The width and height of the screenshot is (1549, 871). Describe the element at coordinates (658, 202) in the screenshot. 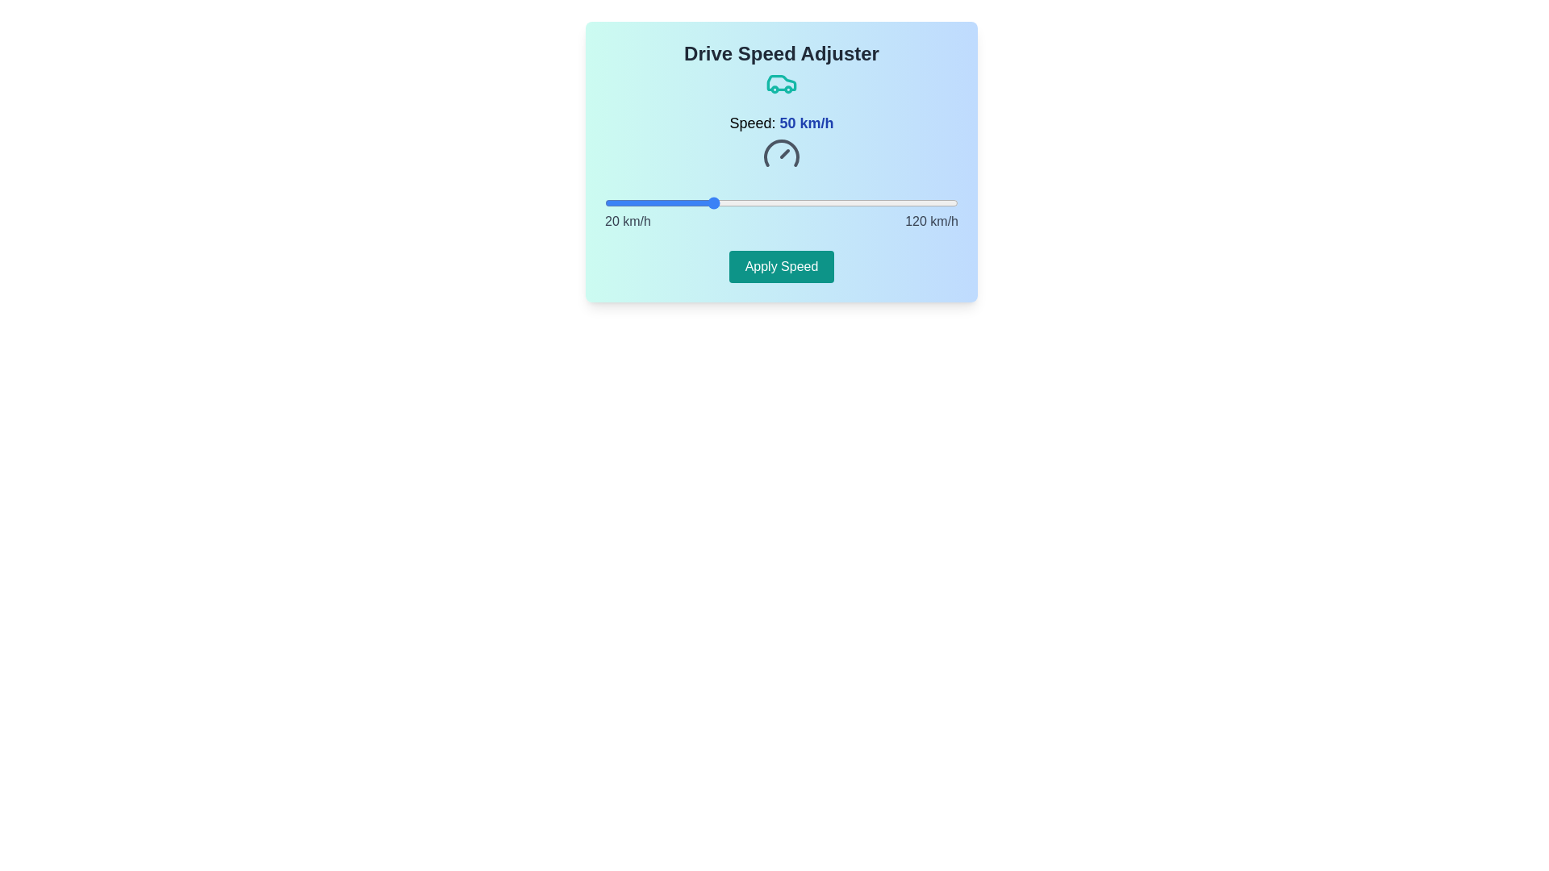

I see `the speed slider to set the speed to 35 km/h` at that location.